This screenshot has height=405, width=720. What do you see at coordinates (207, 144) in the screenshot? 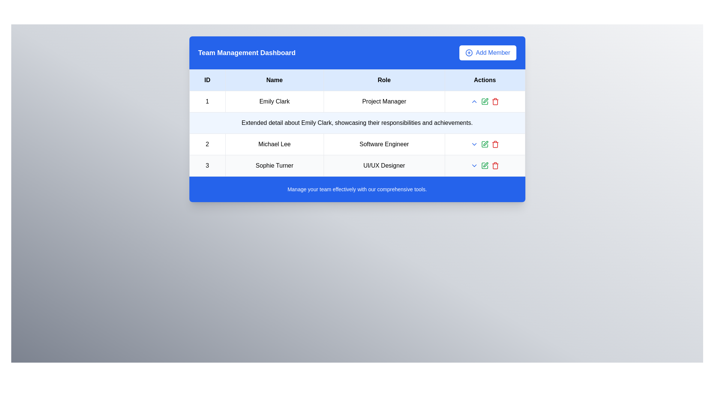
I see `the Static Text Label displaying the number '2', which is styled with a simple black font and is located in the leftmost column of a tabular layout` at bounding box center [207, 144].